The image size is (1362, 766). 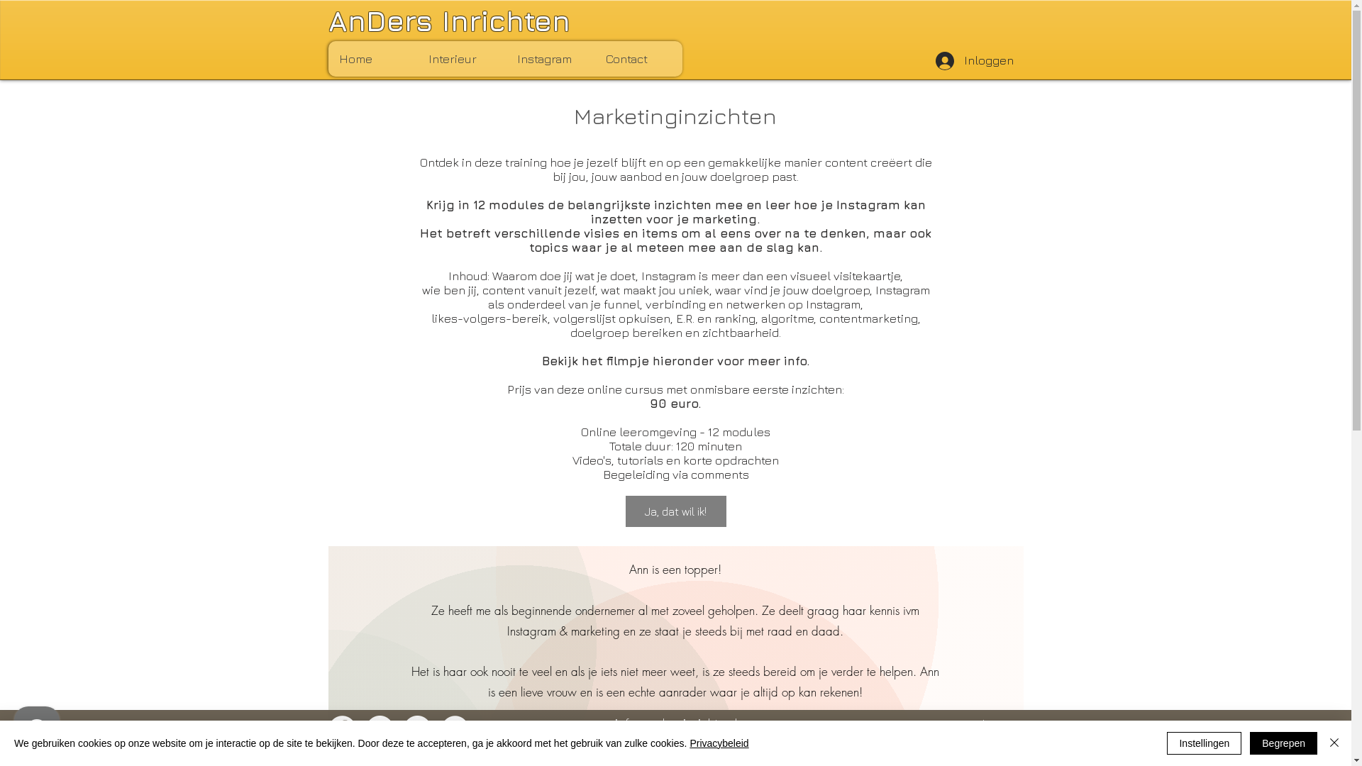 What do you see at coordinates (973, 60) in the screenshot?
I see `'Inloggen'` at bounding box center [973, 60].